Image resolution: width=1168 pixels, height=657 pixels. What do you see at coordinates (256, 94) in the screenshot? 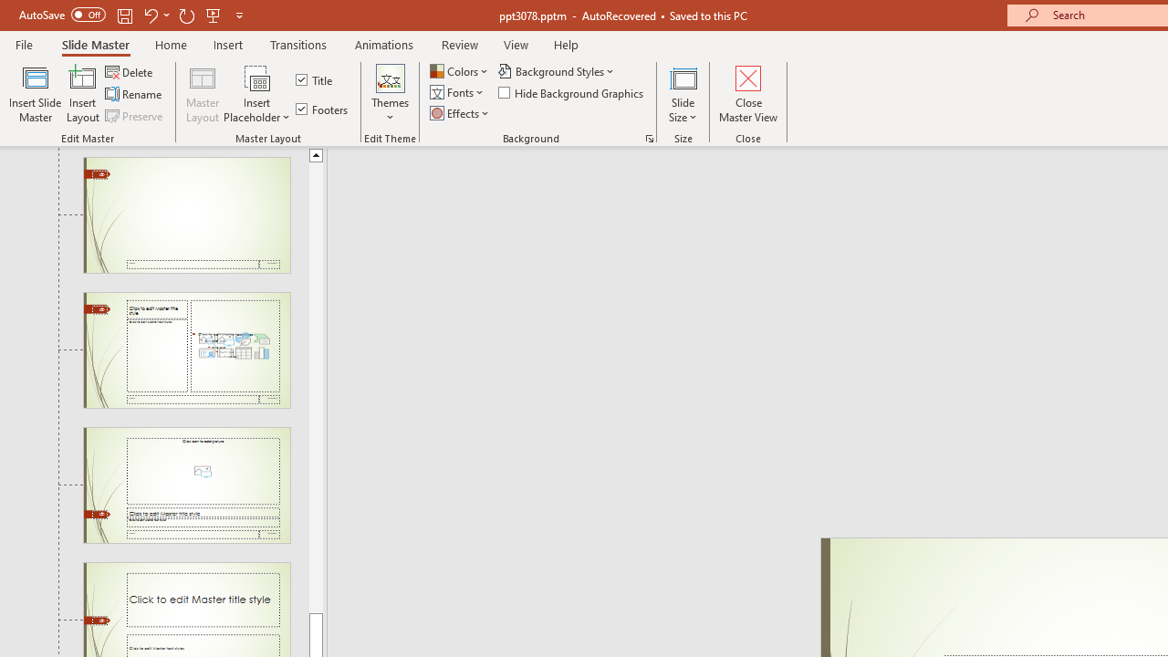
I see `'Insert Placeholder'` at bounding box center [256, 94].